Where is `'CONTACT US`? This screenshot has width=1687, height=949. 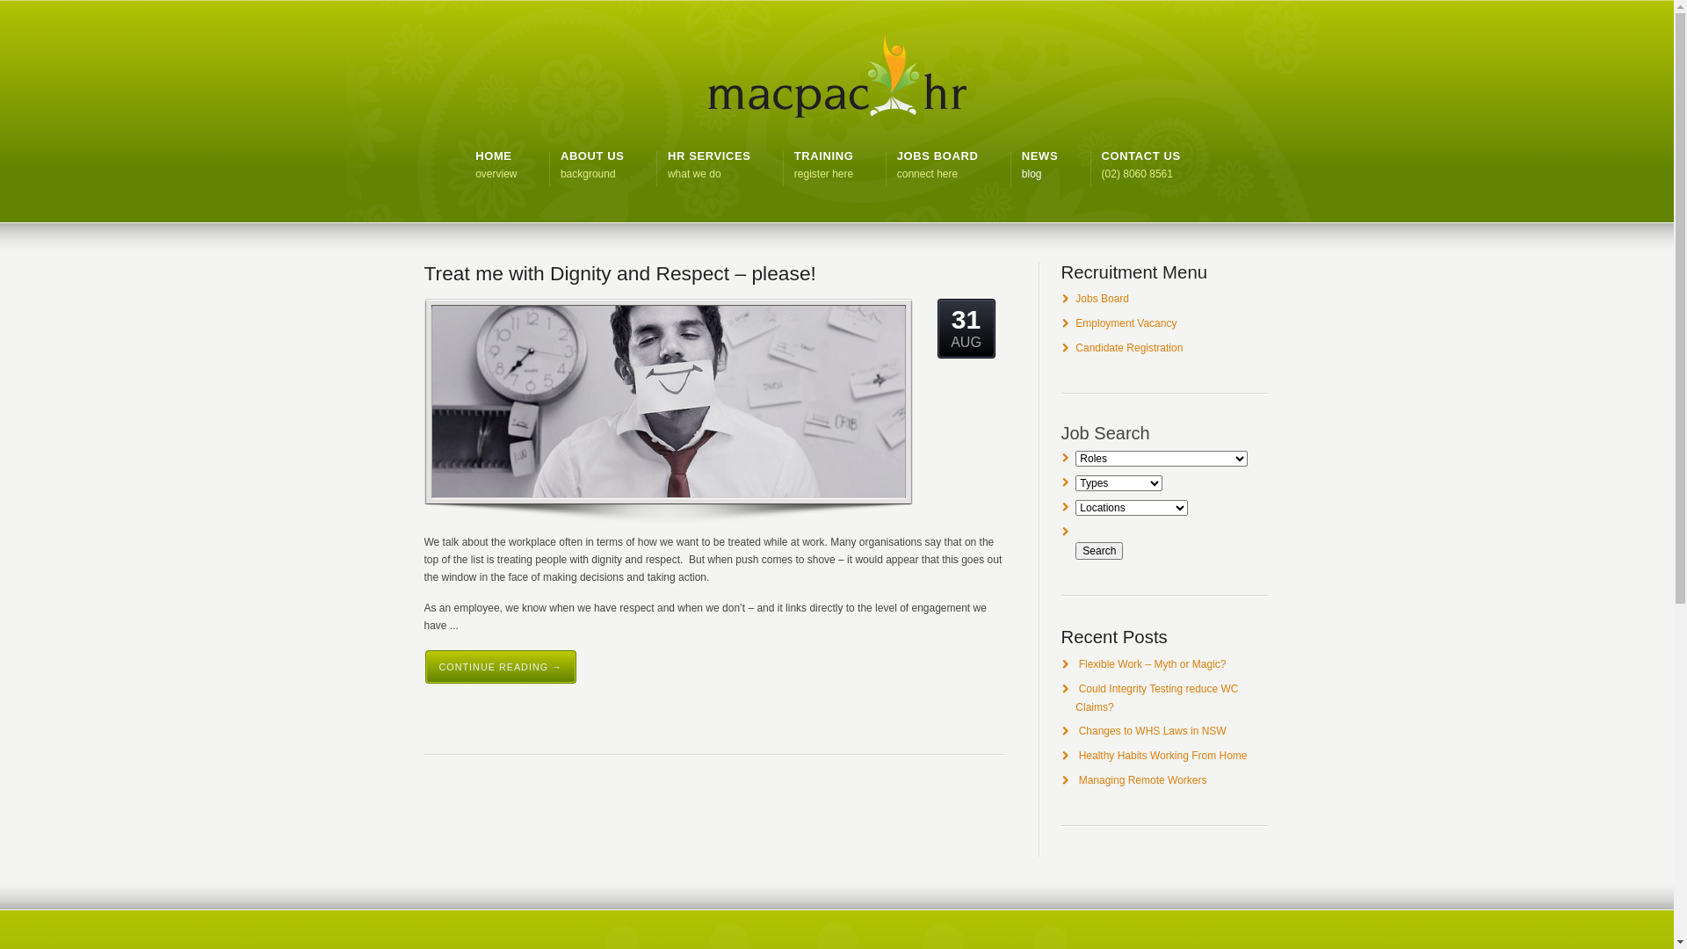
'CONTACT US is located at coordinates (1141, 165).